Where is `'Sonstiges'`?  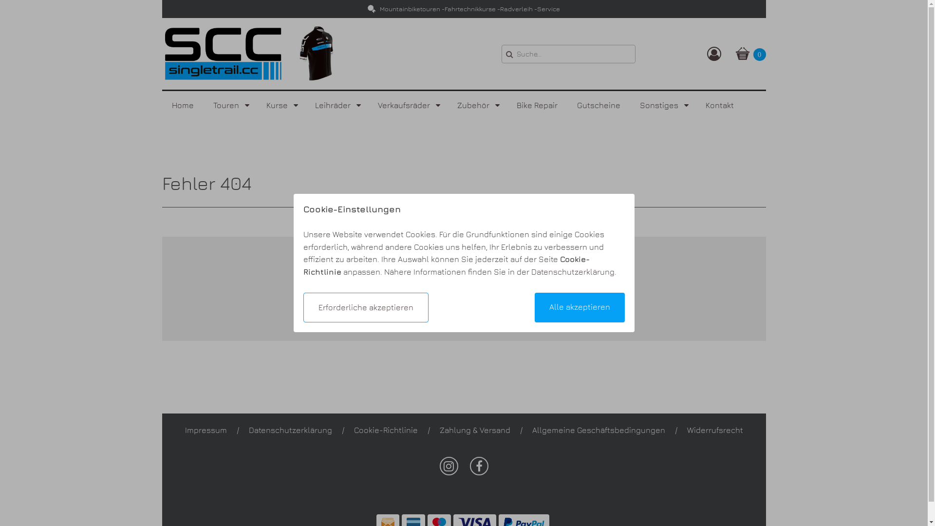 'Sonstiges' is located at coordinates (662, 105).